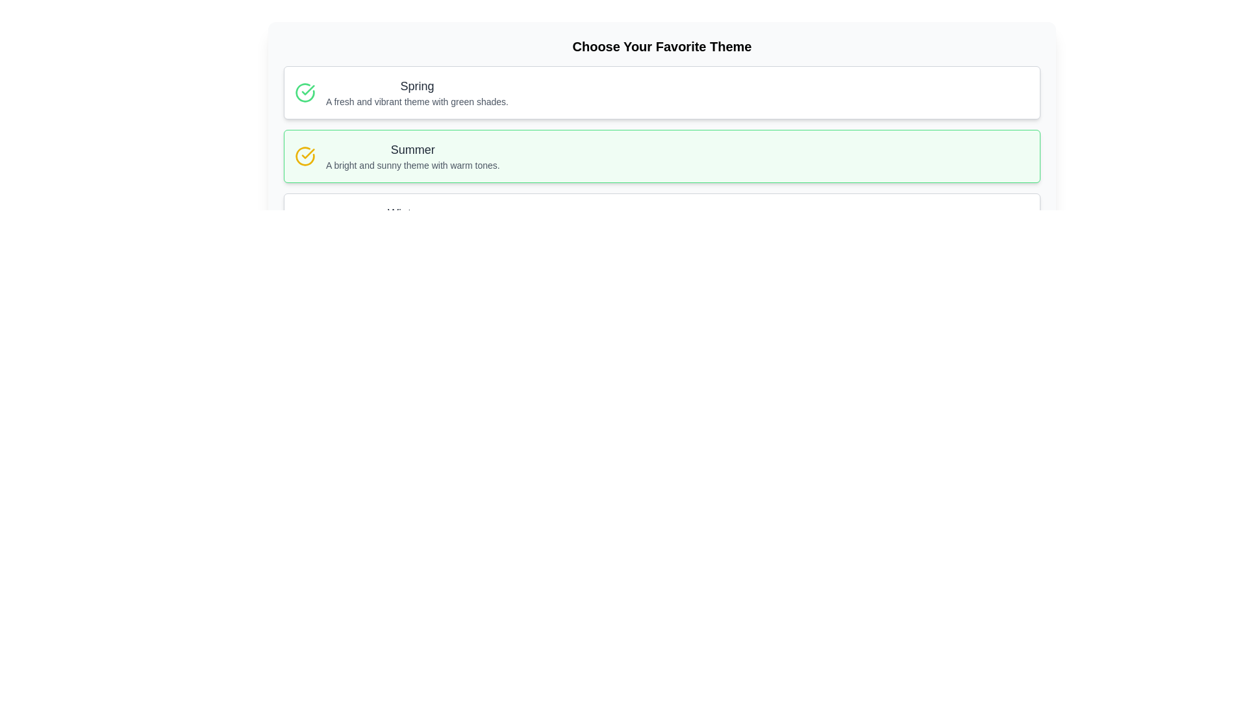  Describe the element at coordinates (305, 155) in the screenshot. I see `the circular yellow checkmark icon located in the second card titled 'Summer'` at that location.